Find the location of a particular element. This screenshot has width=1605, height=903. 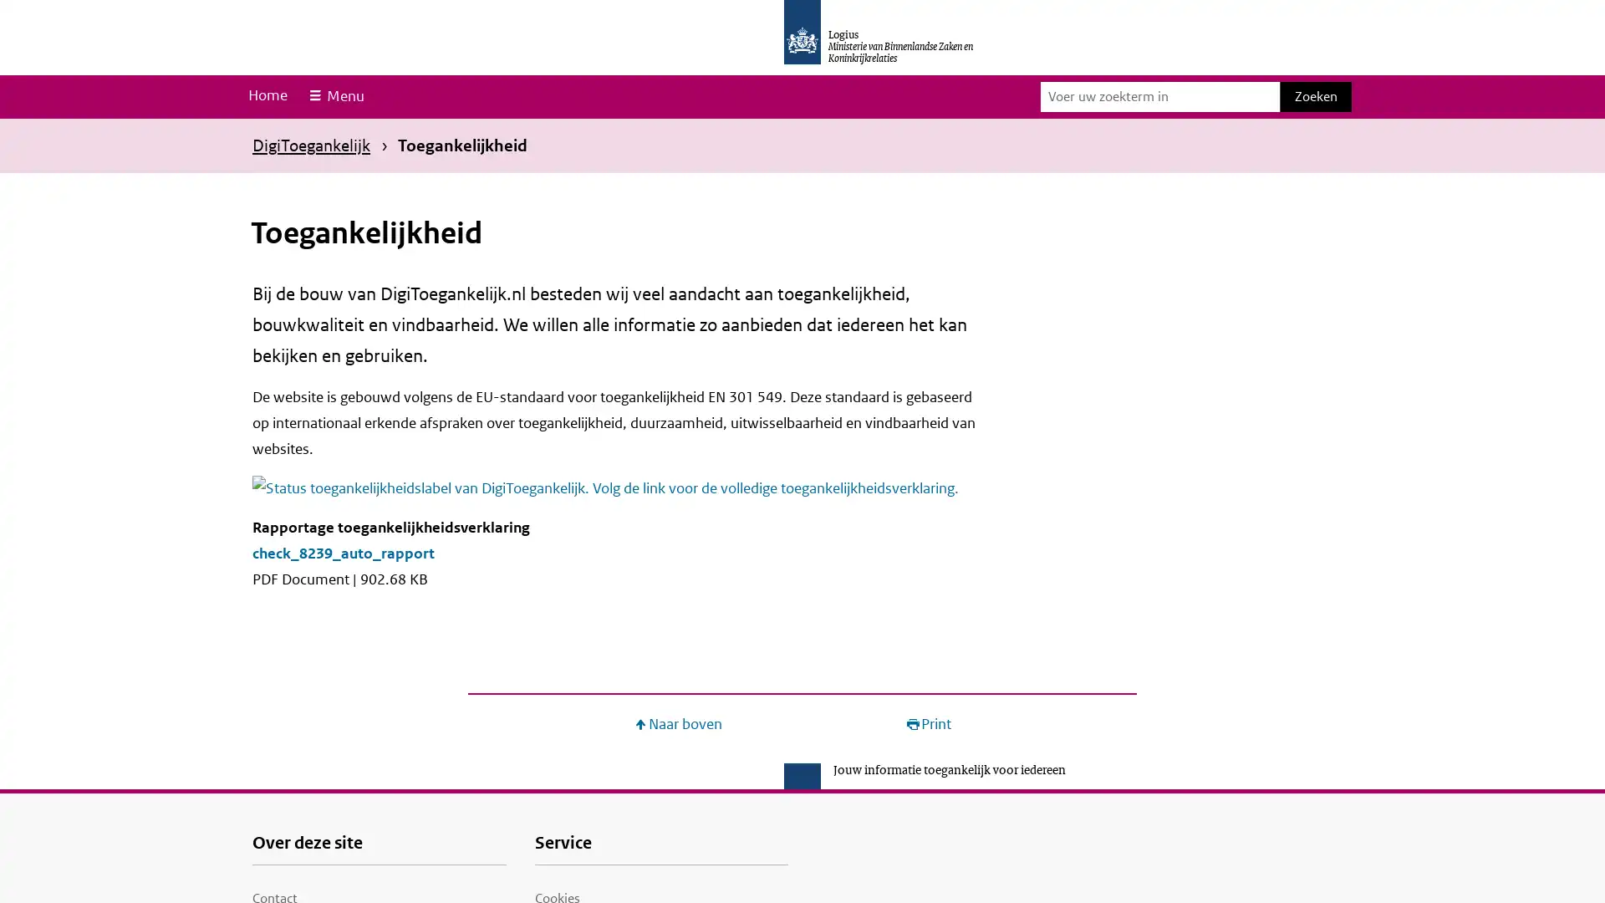

Zoeken is located at coordinates (1315, 96).